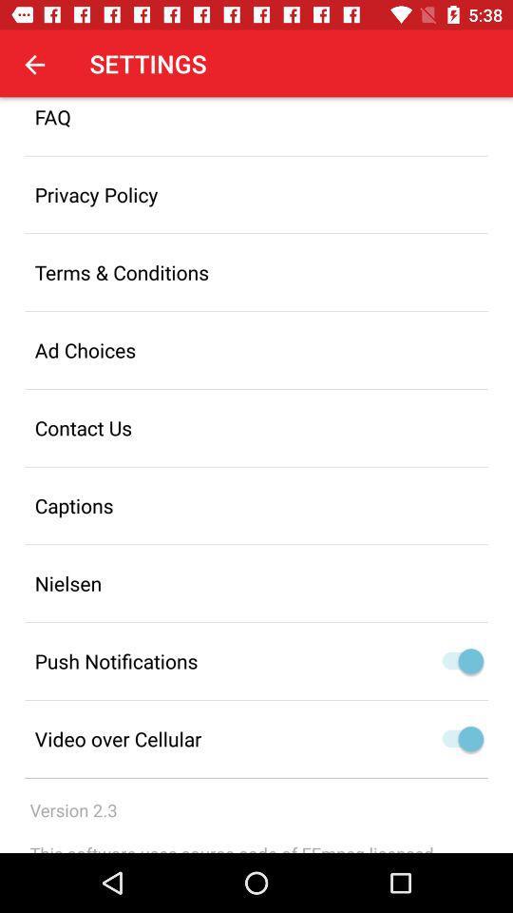 The width and height of the screenshot is (513, 913). What do you see at coordinates (72, 809) in the screenshot?
I see `the version 2.3 icon` at bounding box center [72, 809].